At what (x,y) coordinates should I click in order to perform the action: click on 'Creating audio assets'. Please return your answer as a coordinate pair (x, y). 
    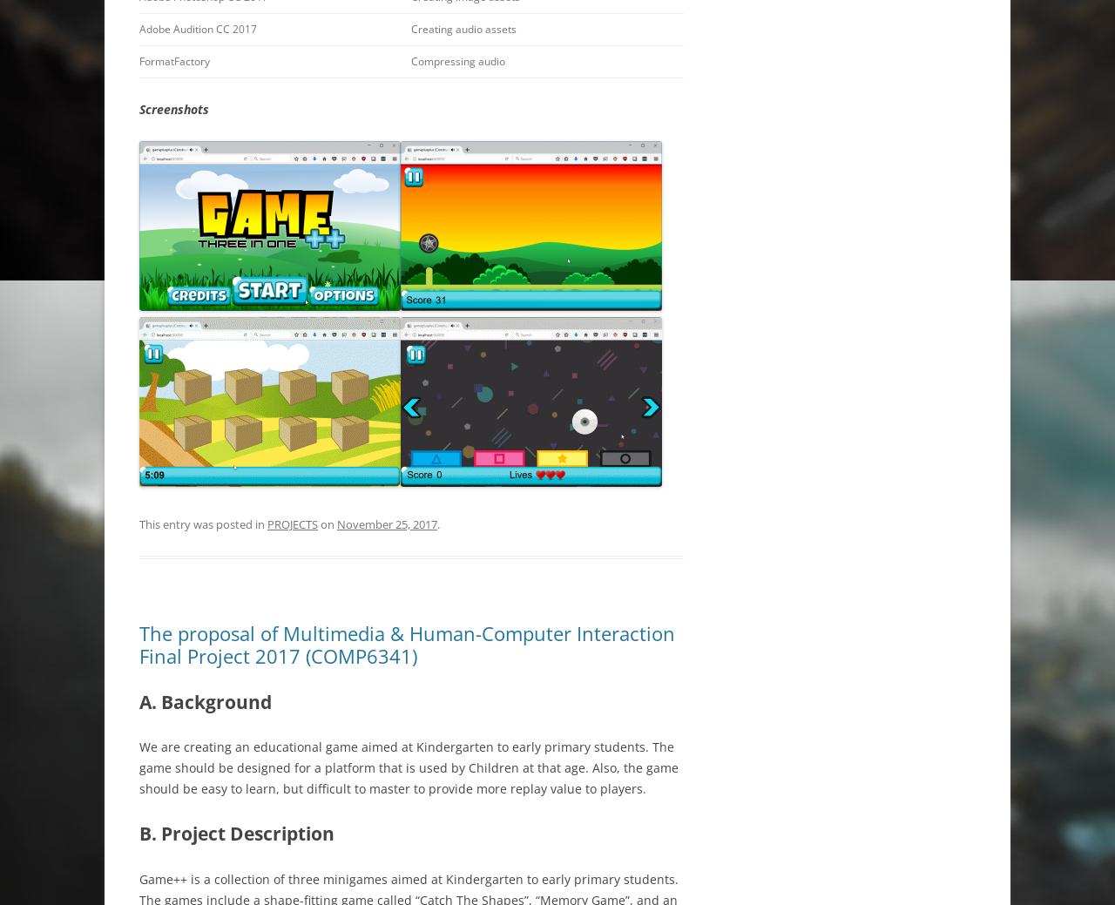
    Looking at the image, I should click on (463, 28).